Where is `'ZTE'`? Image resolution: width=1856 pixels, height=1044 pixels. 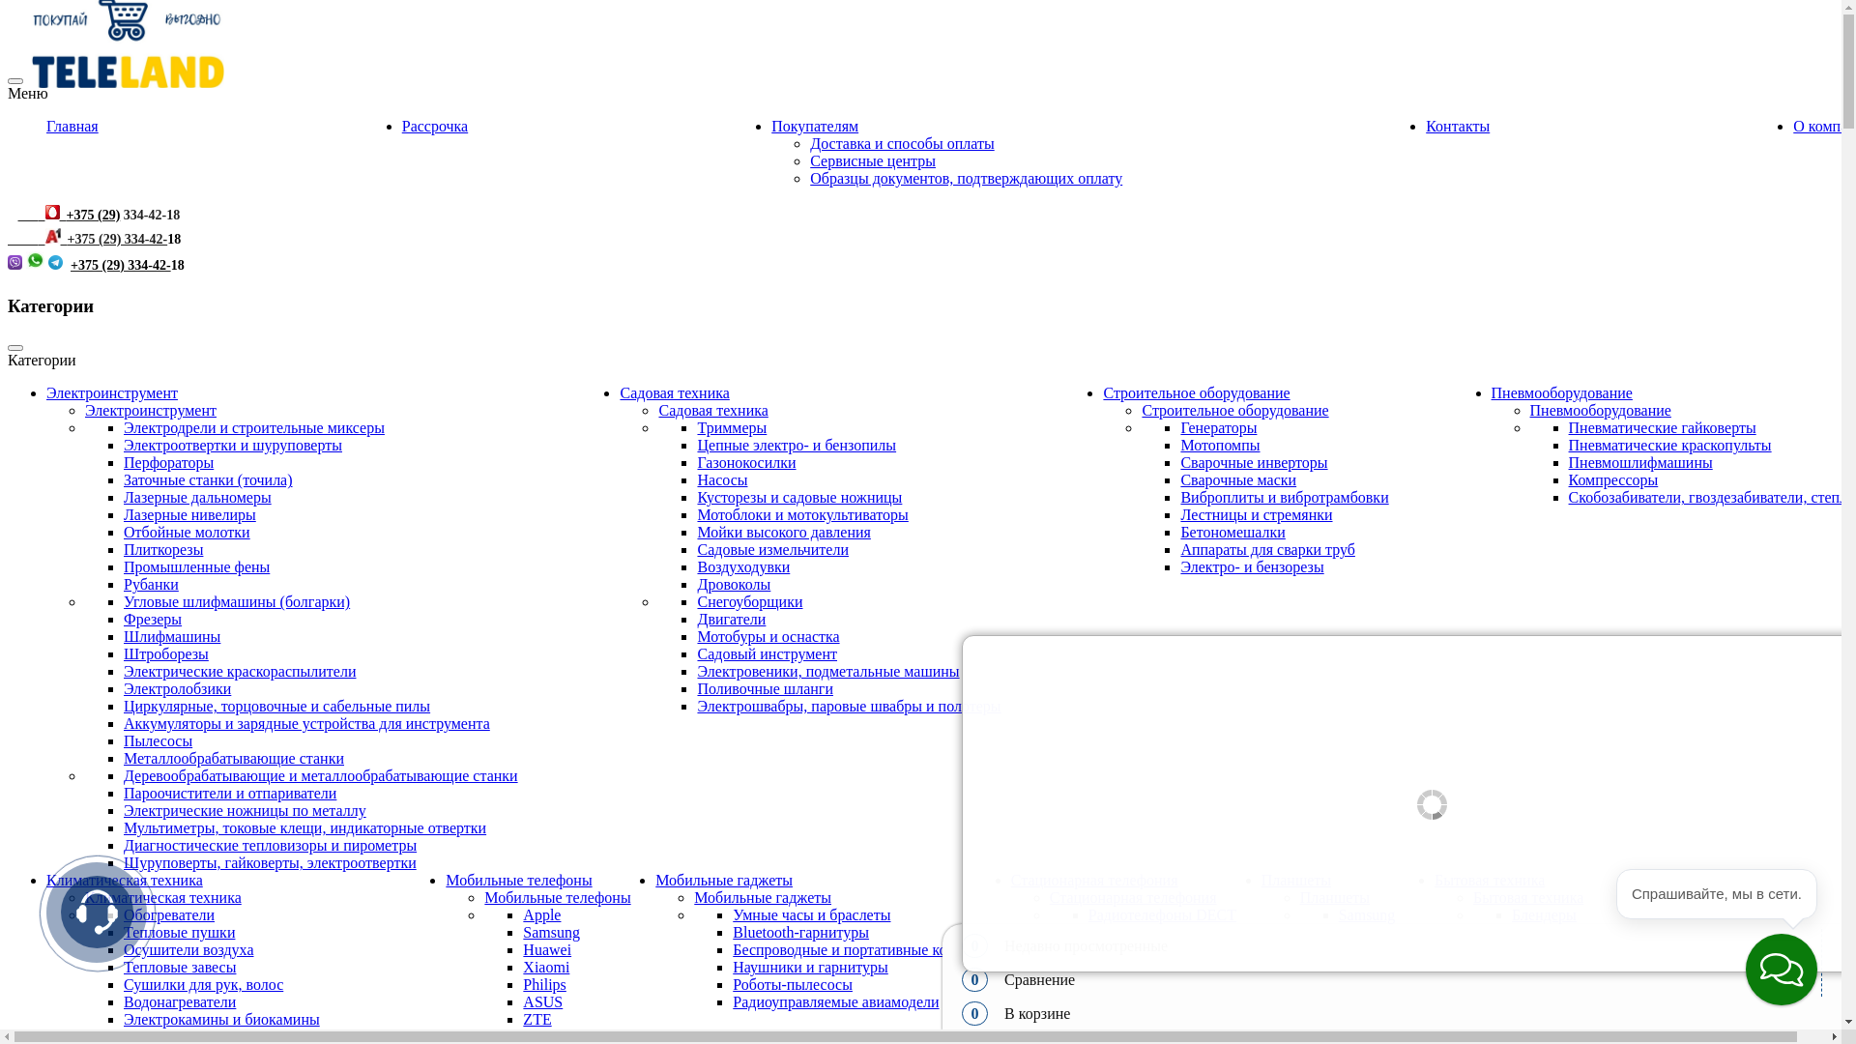 'ZTE' is located at coordinates (536, 1018).